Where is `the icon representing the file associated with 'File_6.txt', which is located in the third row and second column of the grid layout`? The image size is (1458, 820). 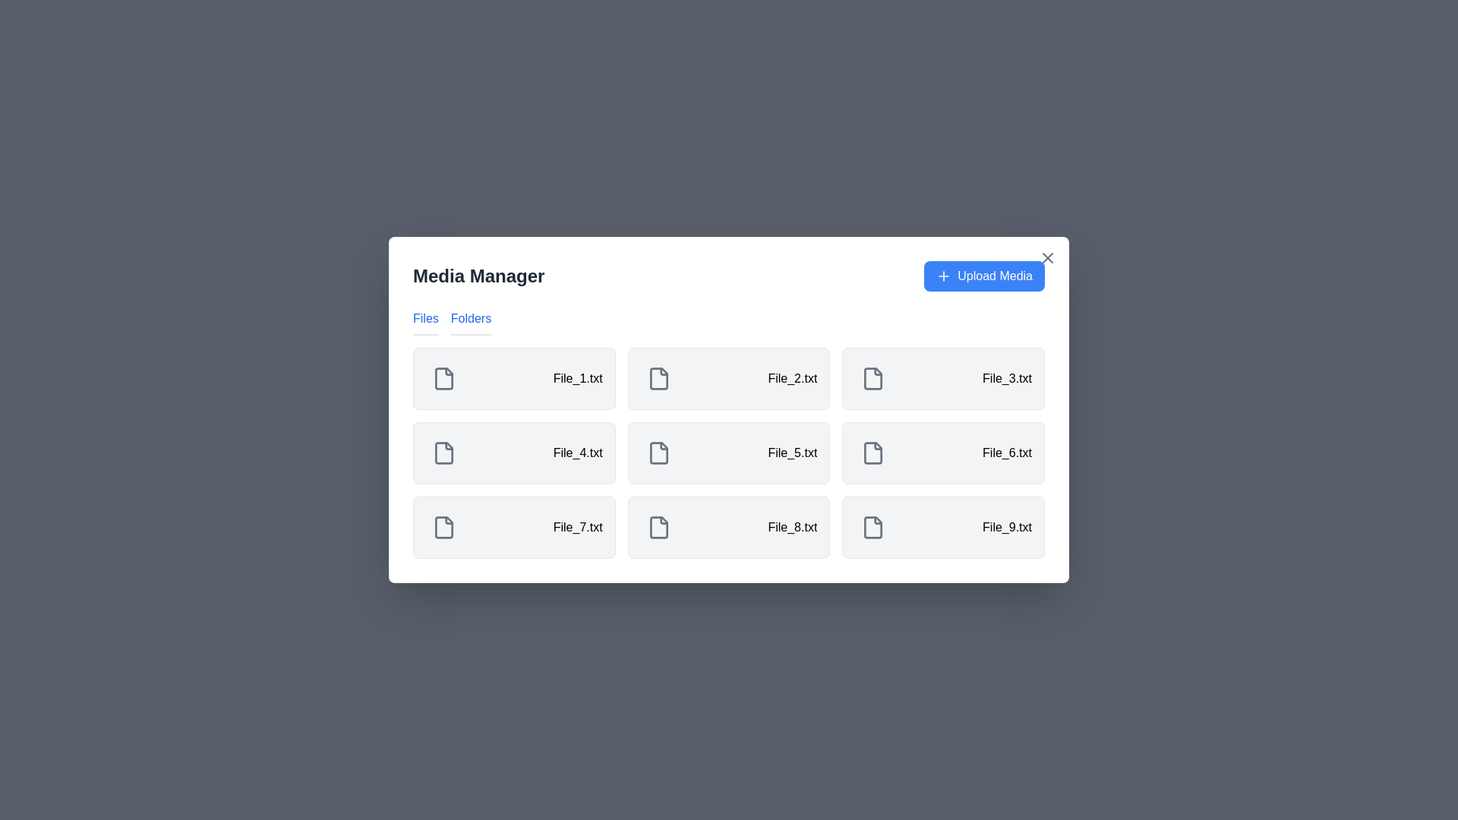 the icon representing the file associated with 'File_6.txt', which is located in the third row and second column of the grid layout is located at coordinates (873, 453).